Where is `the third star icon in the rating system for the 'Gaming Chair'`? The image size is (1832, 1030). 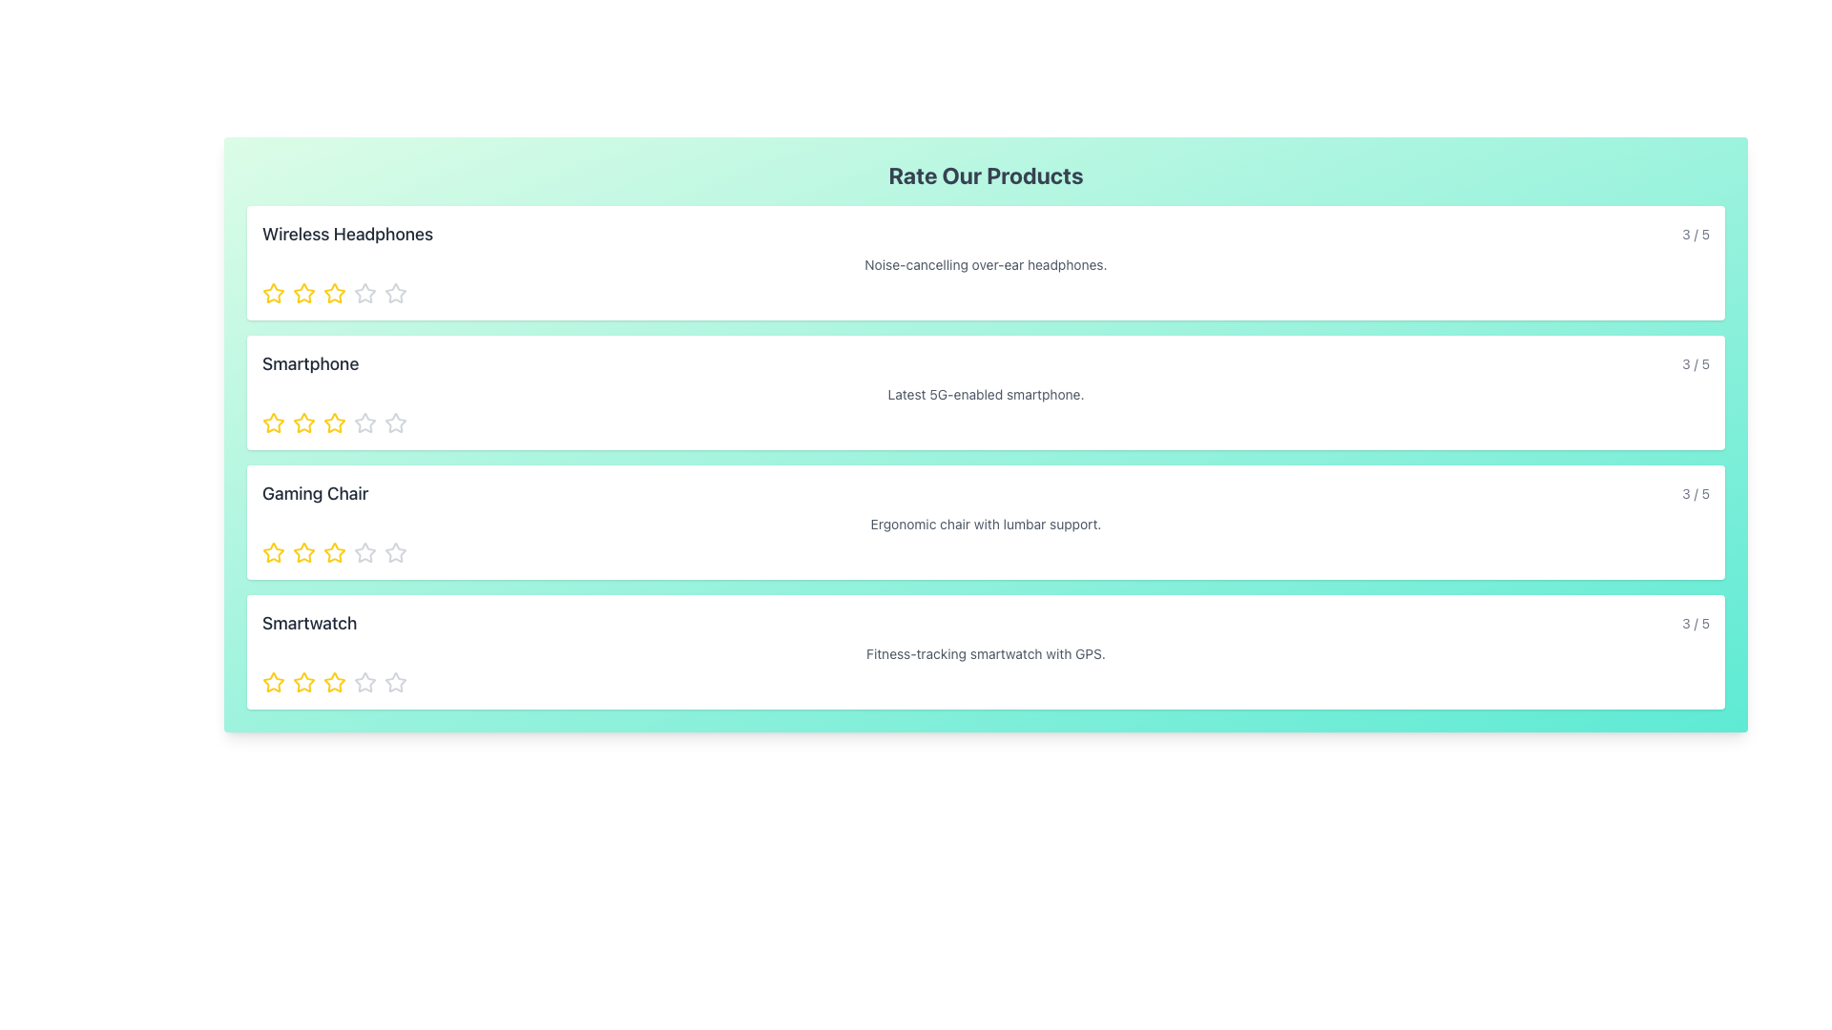 the third star icon in the rating system for the 'Gaming Chair' is located at coordinates (394, 552).